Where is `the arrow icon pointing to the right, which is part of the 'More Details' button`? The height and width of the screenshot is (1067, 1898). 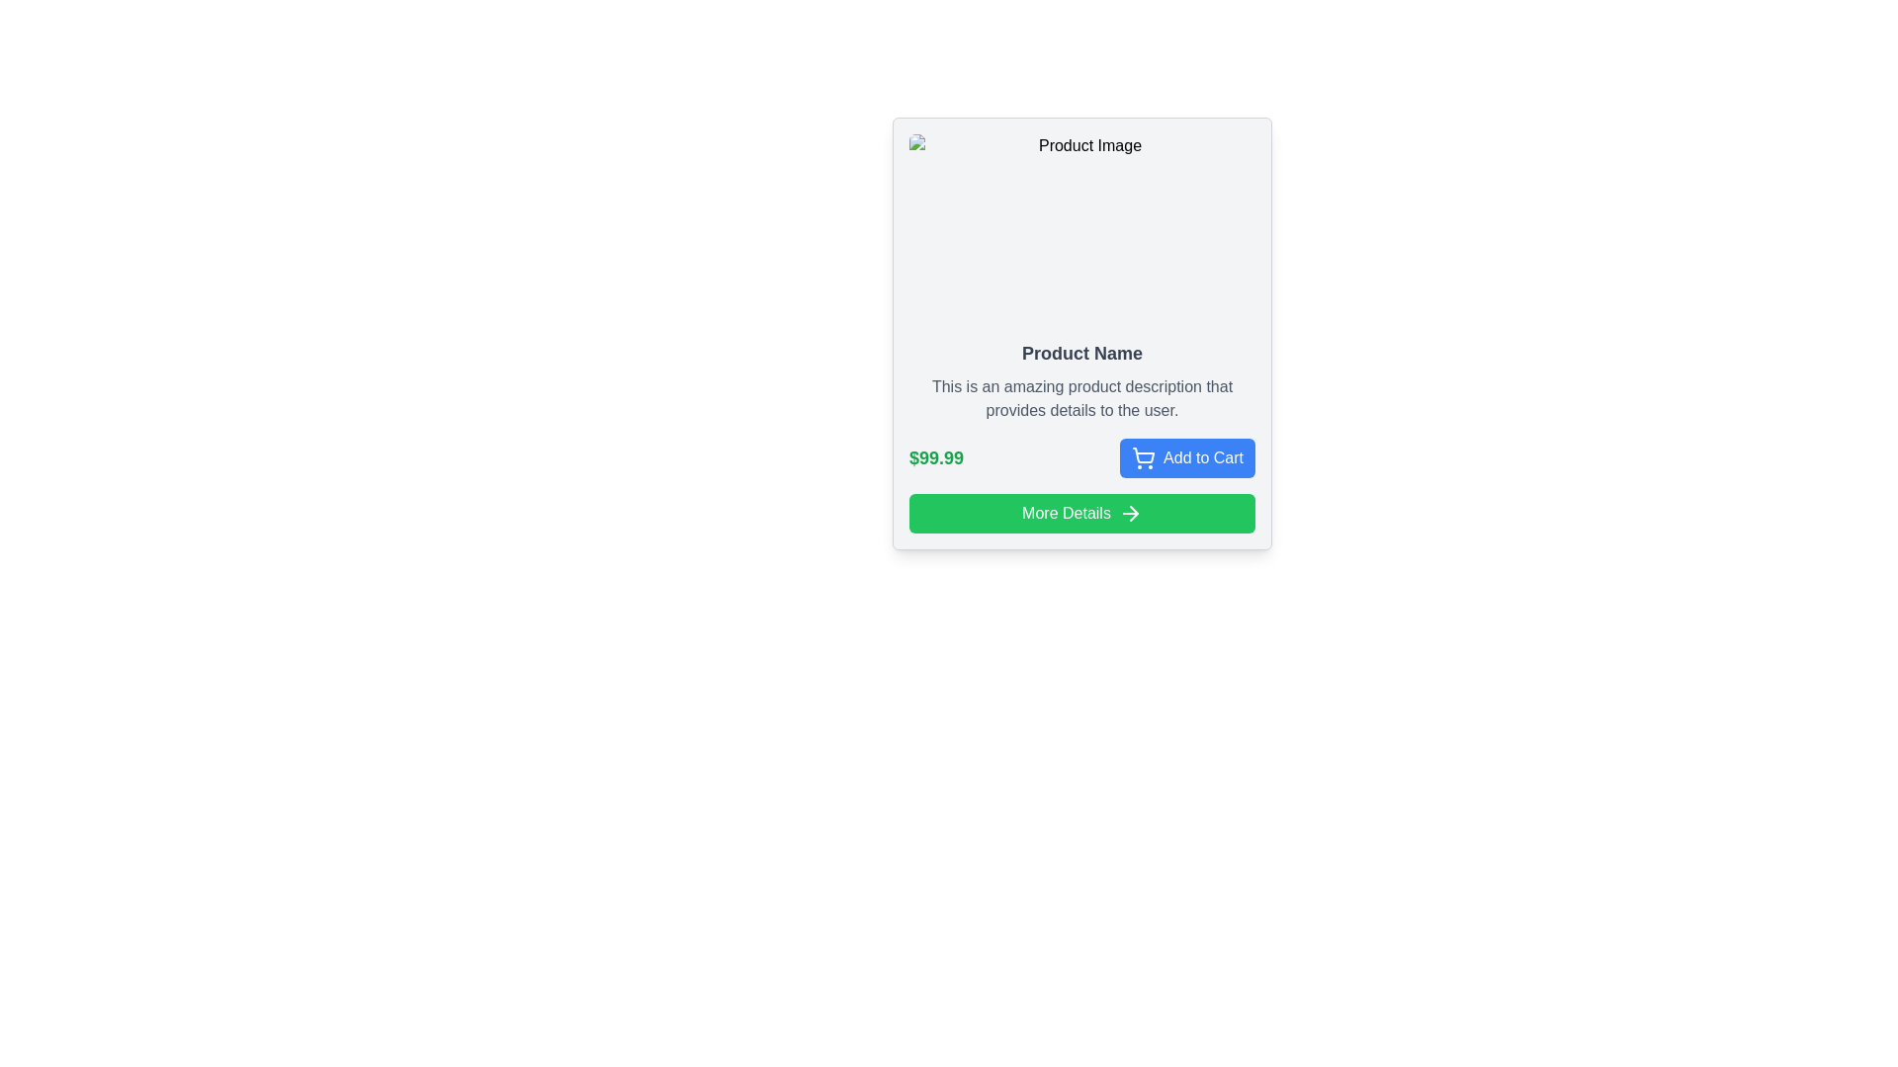
the arrow icon pointing to the right, which is part of the 'More Details' button is located at coordinates (1134, 513).